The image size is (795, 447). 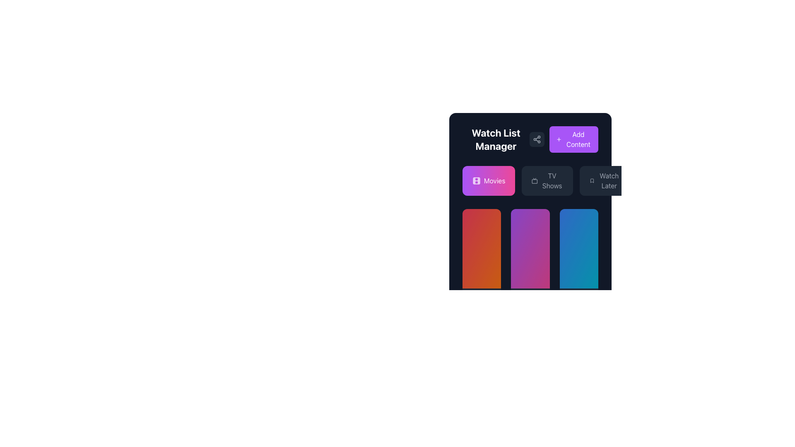 I want to click on the first informational card with a gradient background transitioning from rose red to orange, located in the top-left position of a group of three similar cards, so click(x=482, y=248).